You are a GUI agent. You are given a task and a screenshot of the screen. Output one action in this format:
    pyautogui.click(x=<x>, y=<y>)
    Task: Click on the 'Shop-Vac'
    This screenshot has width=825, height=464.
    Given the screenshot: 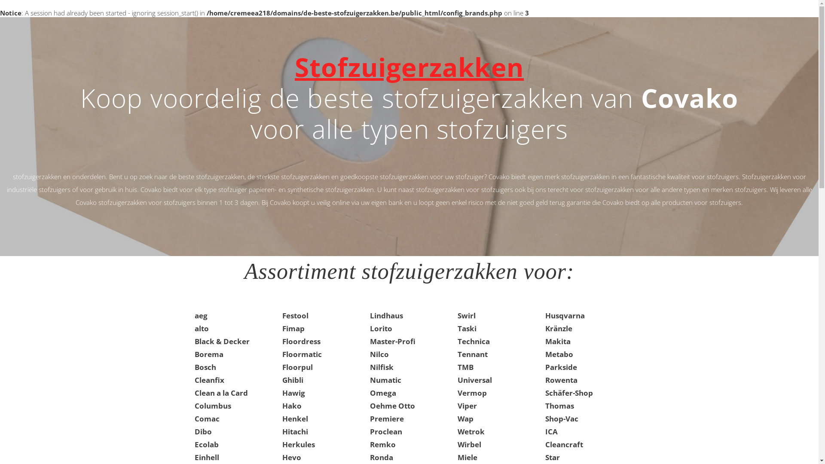 What is the action you would take?
    pyautogui.click(x=544, y=418)
    